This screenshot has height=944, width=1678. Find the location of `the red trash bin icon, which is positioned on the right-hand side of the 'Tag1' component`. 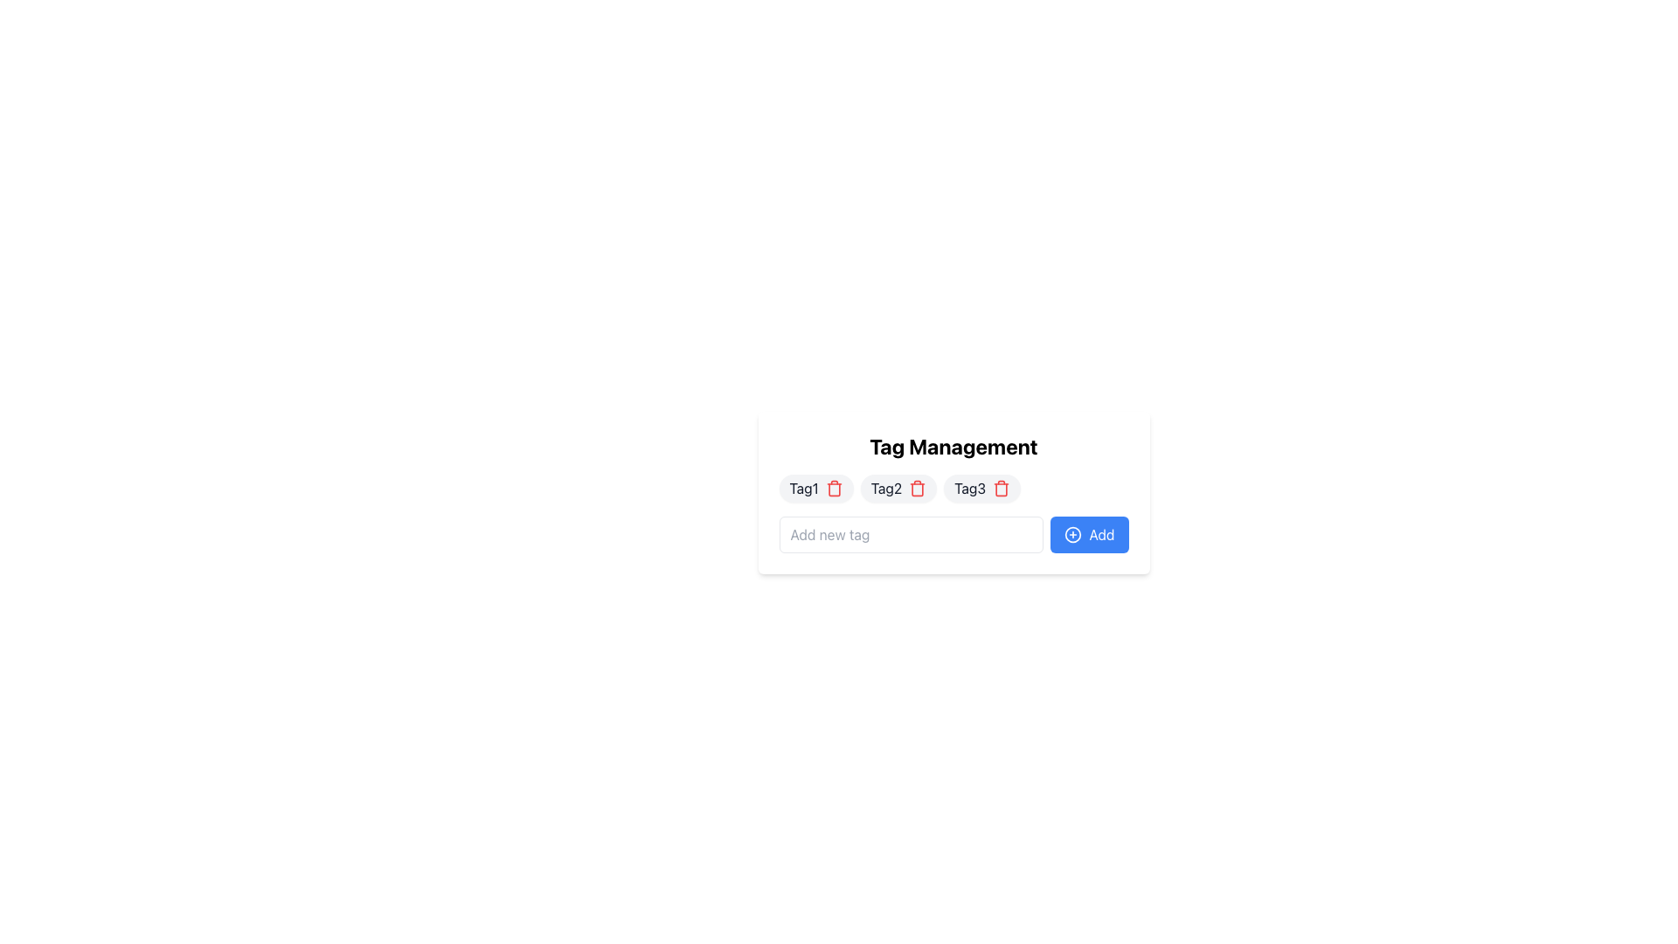

the red trash bin icon, which is positioned on the right-hand side of the 'Tag1' component is located at coordinates (833, 489).